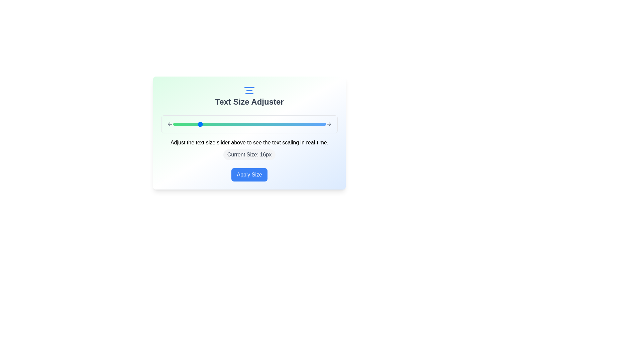 Image resolution: width=642 pixels, height=361 pixels. I want to click on the text size slider to 27 px, so click(269, 124).